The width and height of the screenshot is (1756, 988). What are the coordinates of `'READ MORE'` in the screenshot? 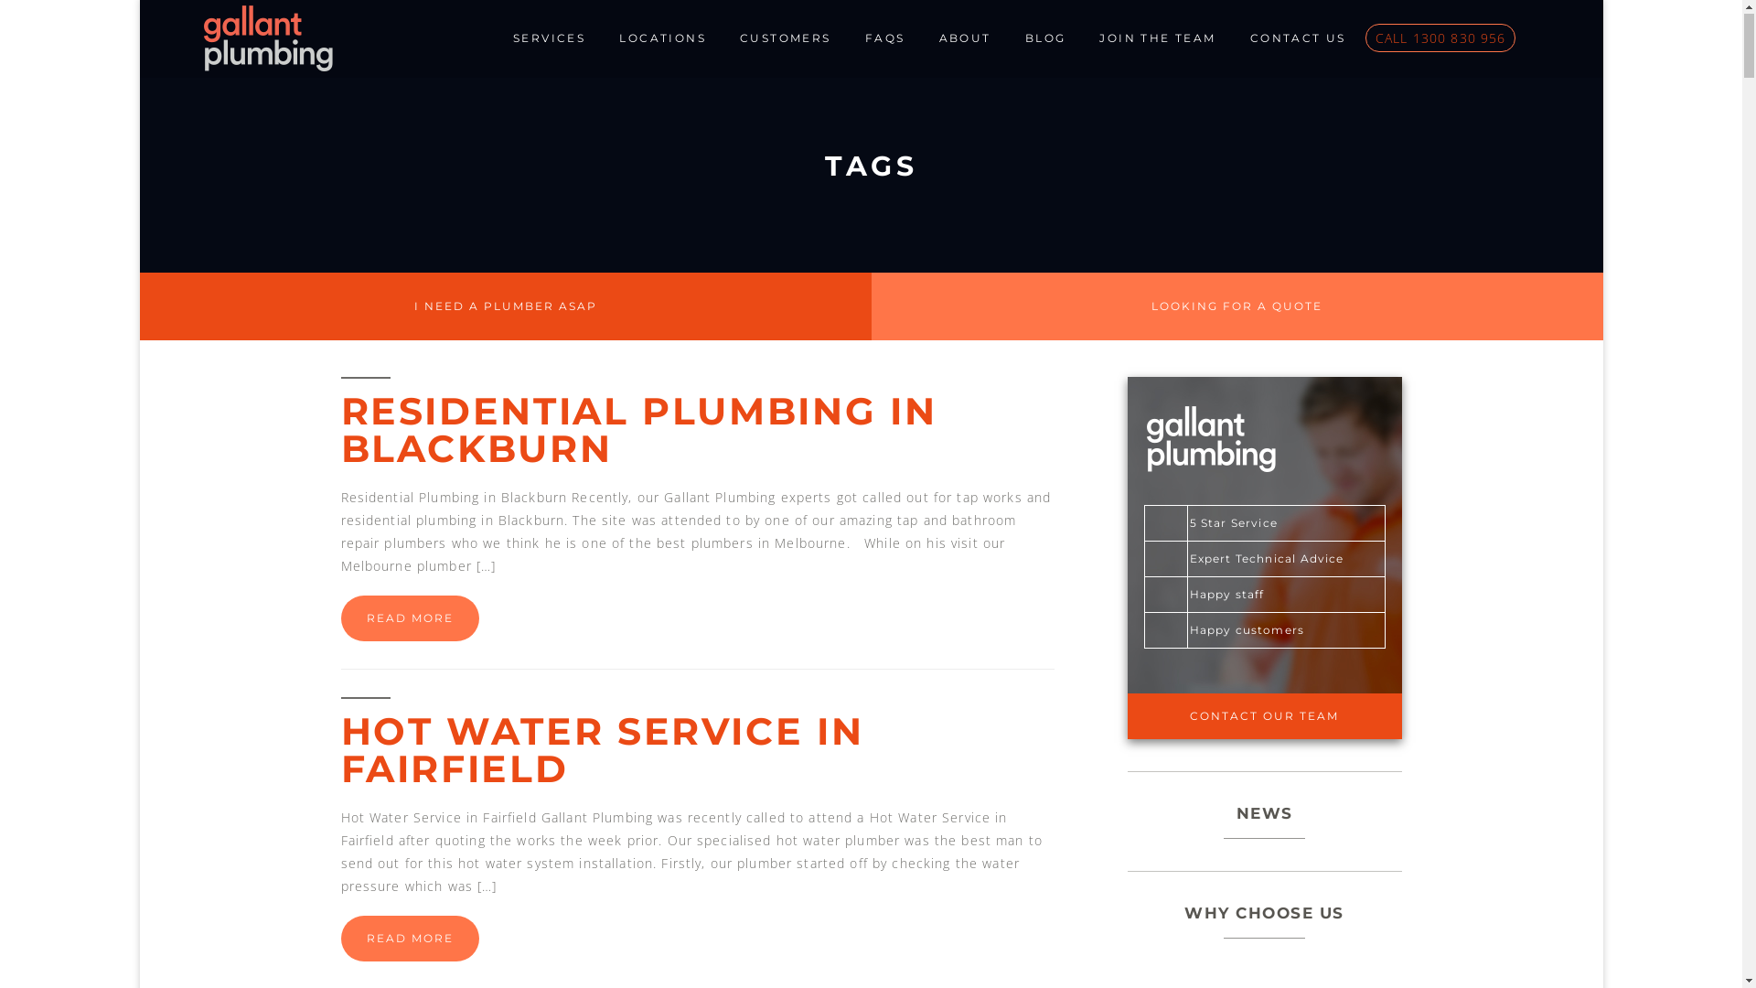 It's located at (408, 619).